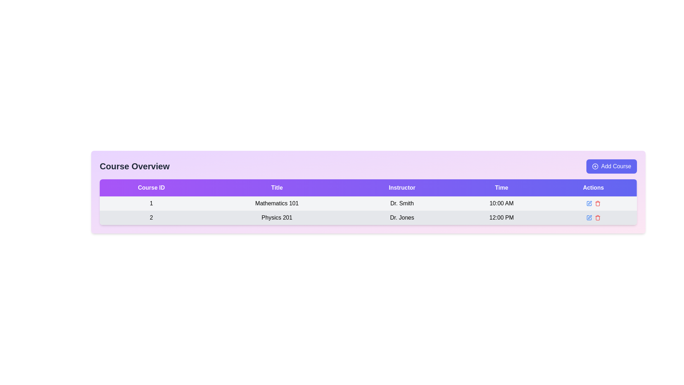 This screenshot has width=684, height=385. What do you see at coordinates (501, 188) in the screenshot?
I see `the 'Time' column header in the table, which is the fourth header from the left, featuring white text on a purple background` at bounding box center [501, 188].